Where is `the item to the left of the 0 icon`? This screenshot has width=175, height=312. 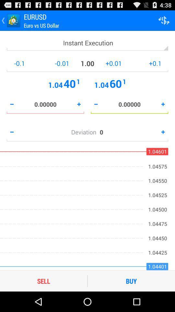
the item to the left of the 0 icon is located at coordinates (85, 132).